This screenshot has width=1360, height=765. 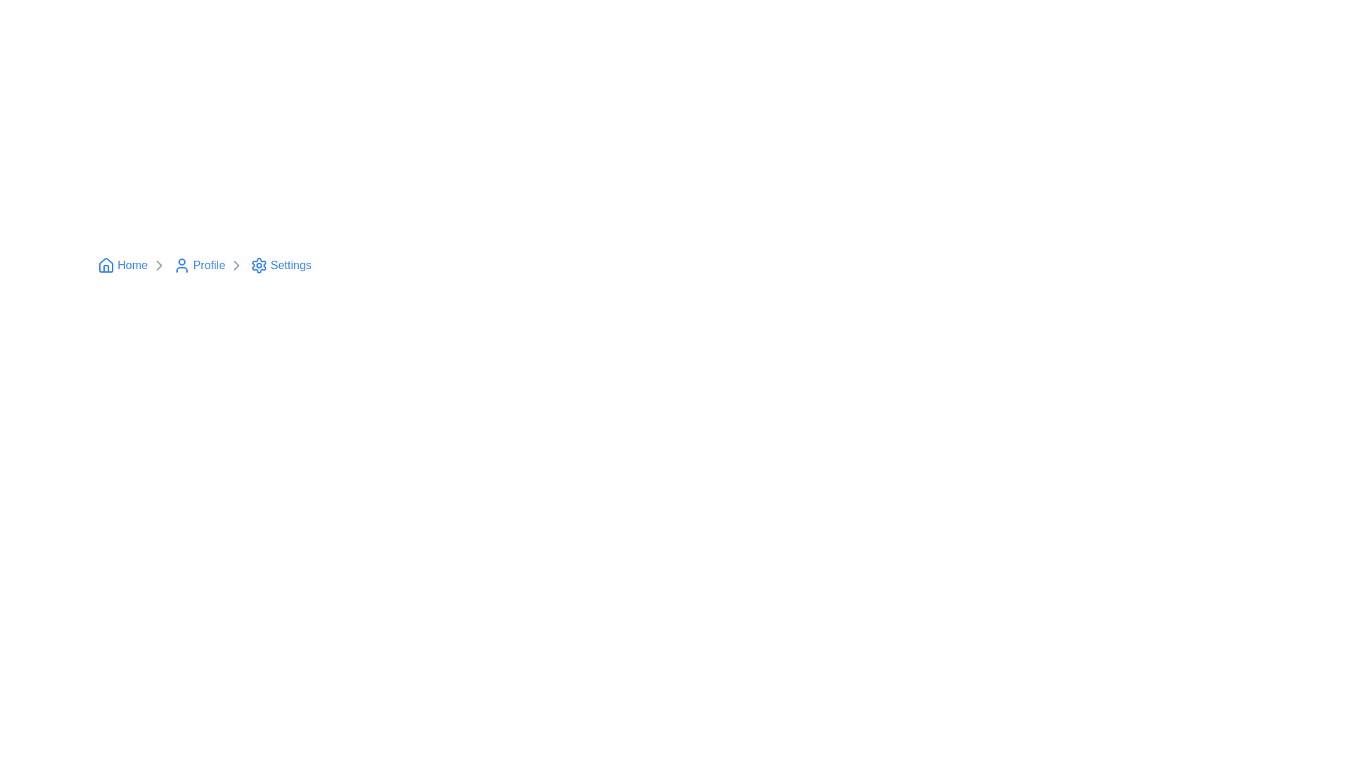 What do you see at coordinates (132, 265) in the screenshot?
I see `the 'Home' text label, which is displayed in blue and located near a house icon in the upper-left corner of the interface` at bounding box center [132, 265].